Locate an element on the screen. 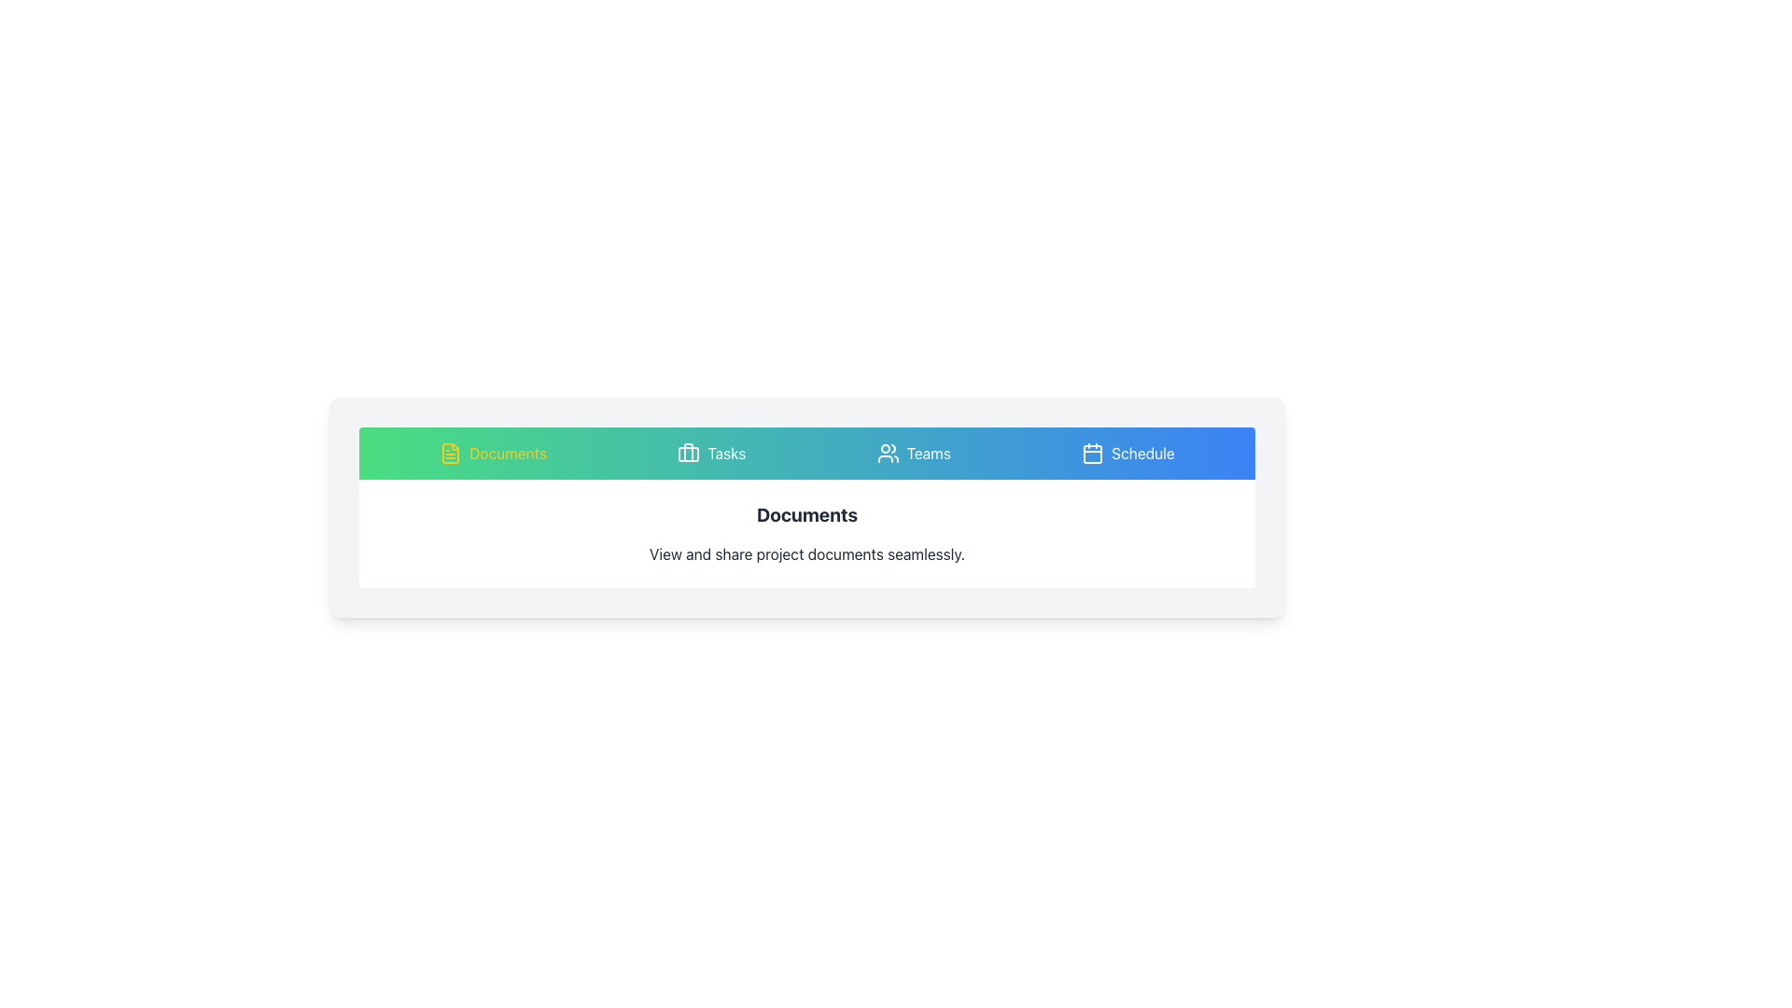 This screenshot has height=1008, width=1792. the first Interactive Menu Tab labeled 'Documents' is located at coordinates (493, 454).